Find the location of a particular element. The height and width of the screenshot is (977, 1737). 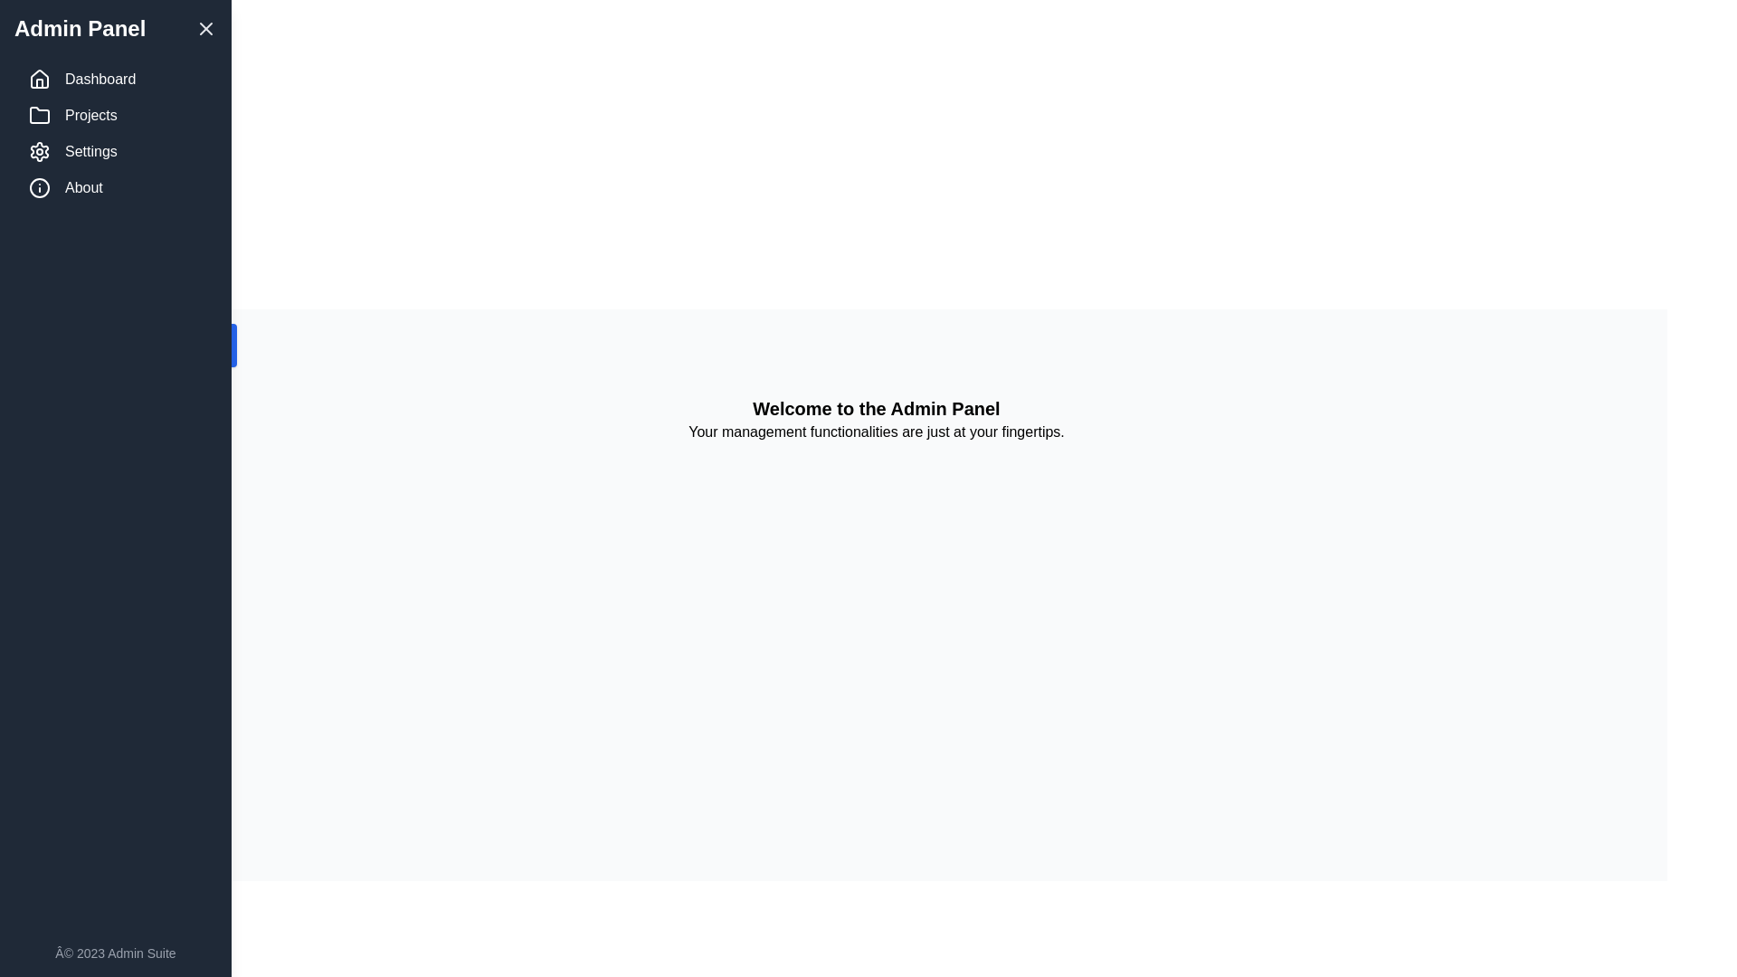

the Dashboard icon in the sidebar menu is located at coordinates (39, 78).